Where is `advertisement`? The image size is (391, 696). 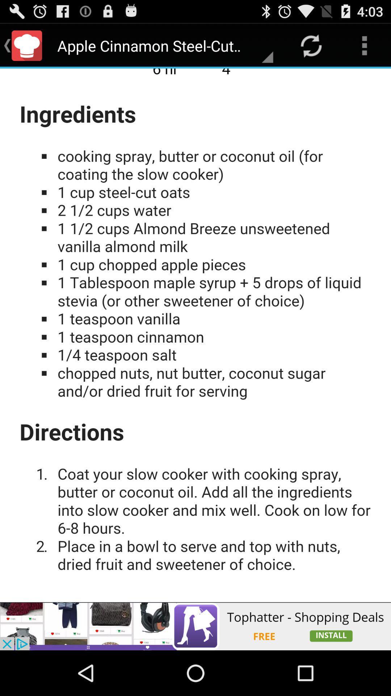 advertisement is located at coordinates (195, 626).